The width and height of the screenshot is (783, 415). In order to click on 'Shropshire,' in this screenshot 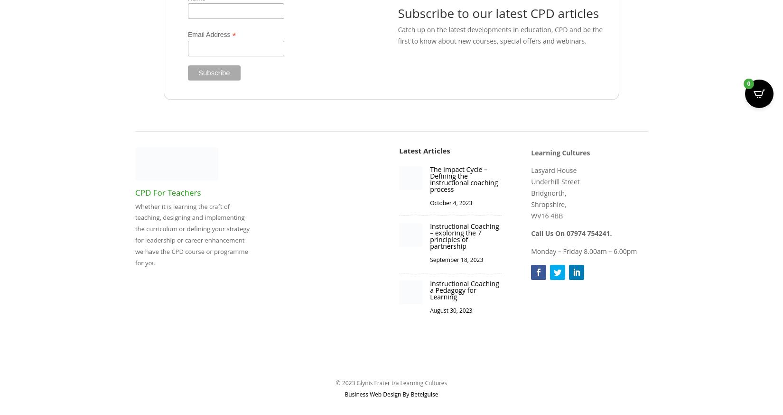, I will do `click(548, 204)`.